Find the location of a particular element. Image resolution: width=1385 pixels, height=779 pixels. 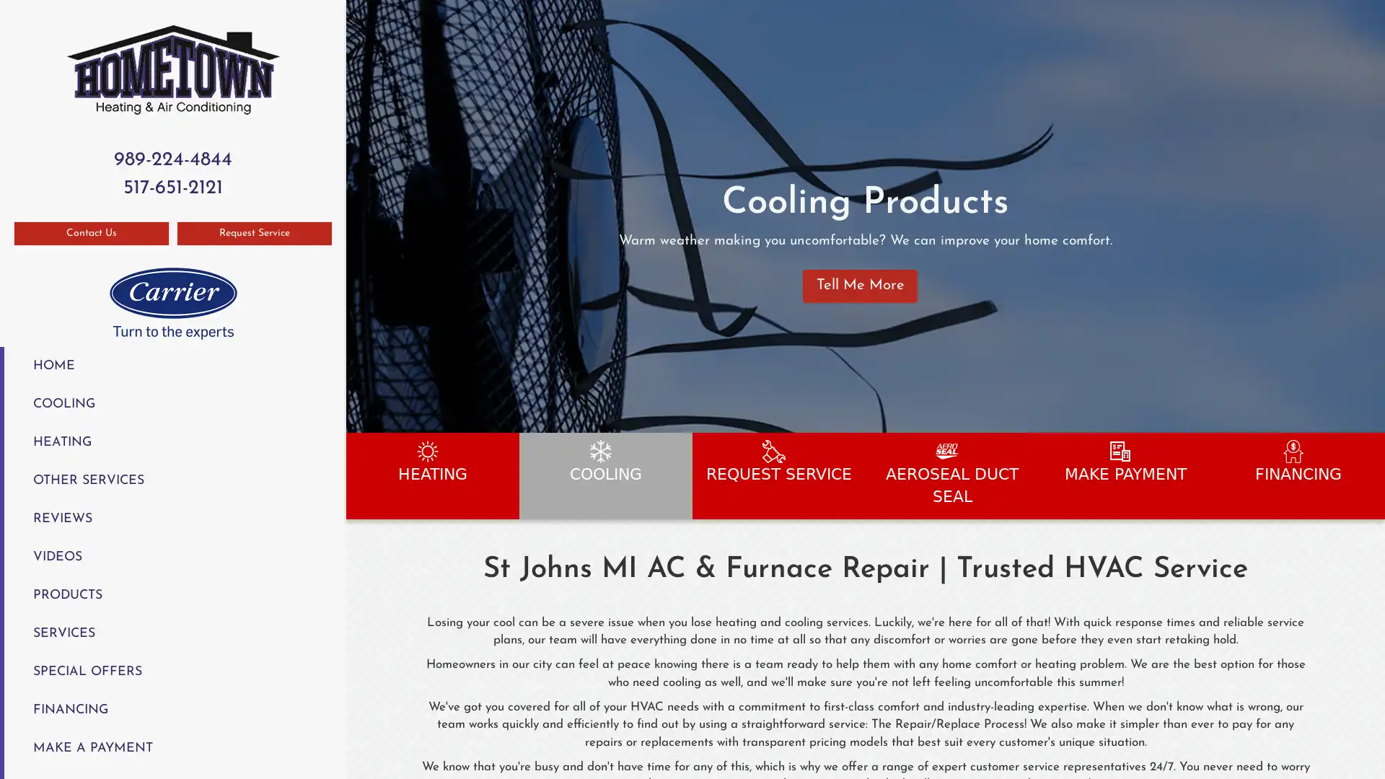

Previous is located at coordinates (359, 216).